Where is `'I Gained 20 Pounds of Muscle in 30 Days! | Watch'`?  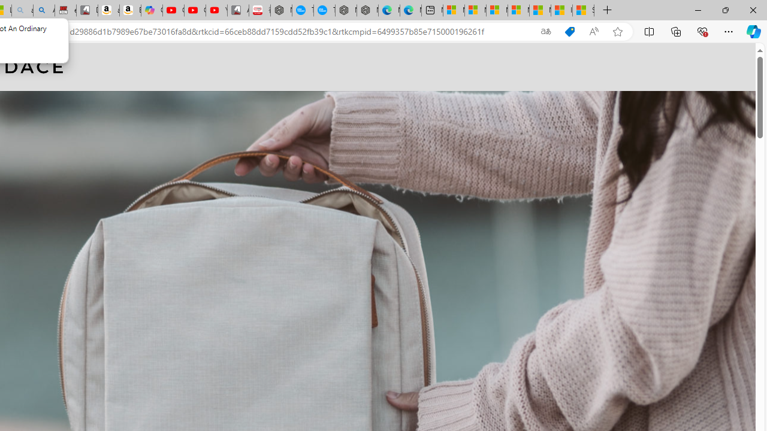
'I Gained 20 Pounds of Muscle in 30 Days! | Watch' is located at coordinates (561, 10).